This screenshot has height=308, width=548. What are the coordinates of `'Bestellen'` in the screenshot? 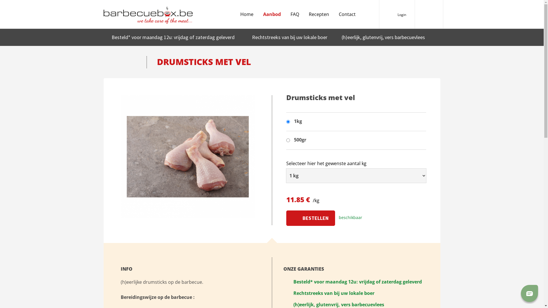 It's located at (310, 218).